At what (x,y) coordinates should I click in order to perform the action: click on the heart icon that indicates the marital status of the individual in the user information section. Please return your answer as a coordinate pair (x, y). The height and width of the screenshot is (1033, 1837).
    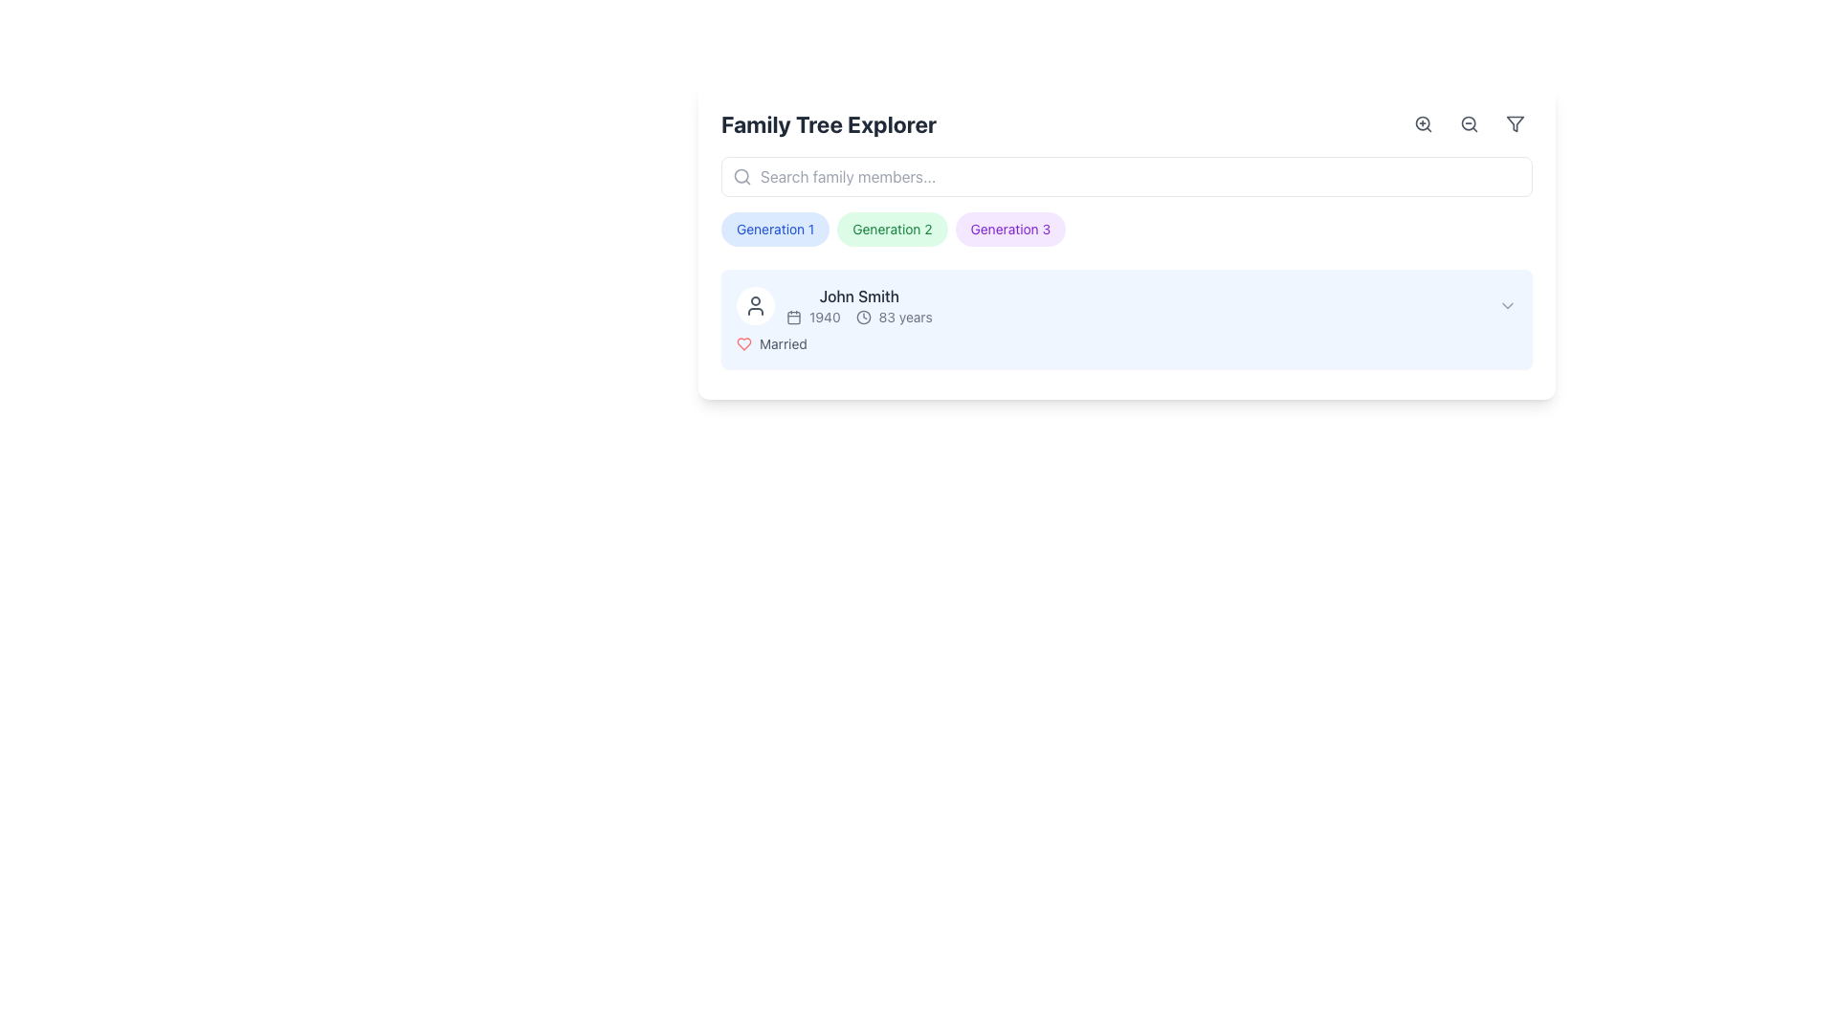
    Looking at the image, I should click on (742, 342).